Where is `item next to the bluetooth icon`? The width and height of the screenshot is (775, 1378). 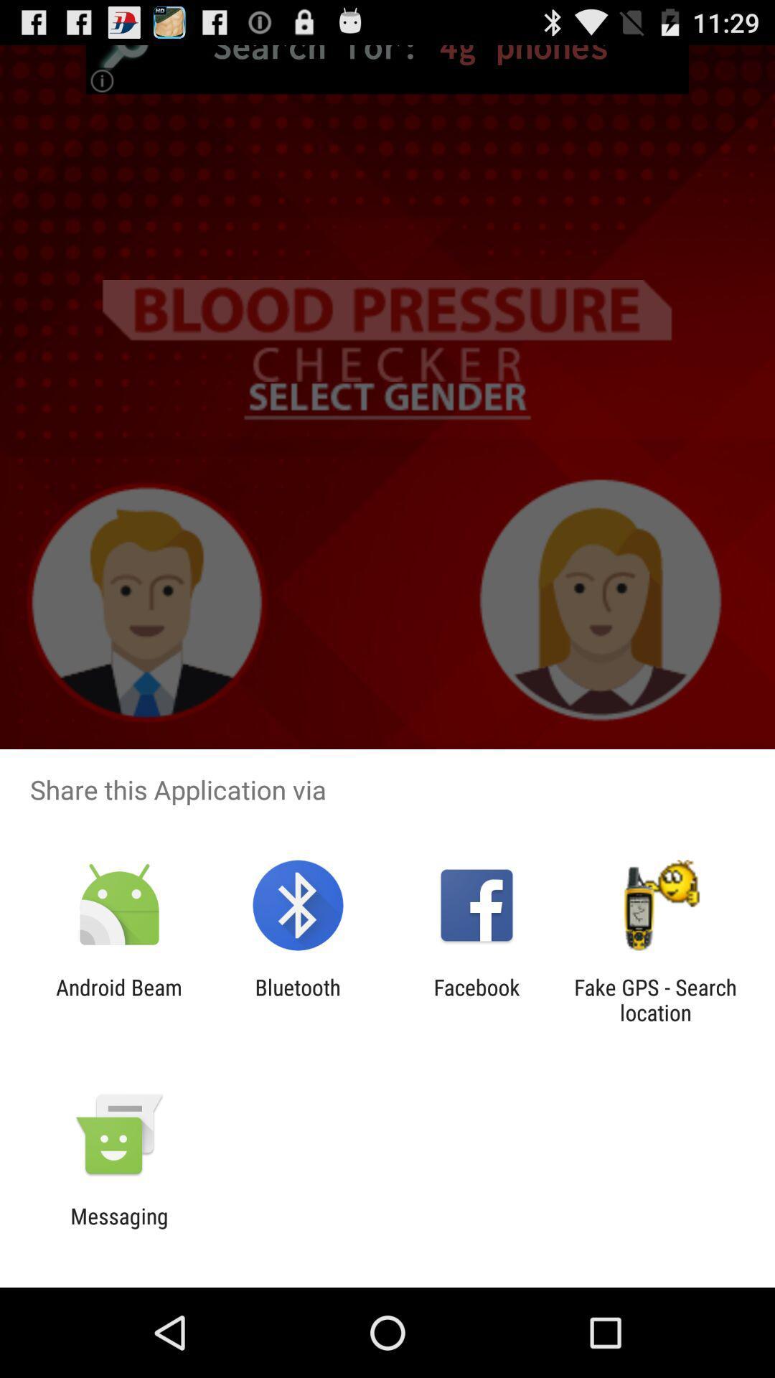
item next to the bluetooth icon is located at coordinates (118, 999).